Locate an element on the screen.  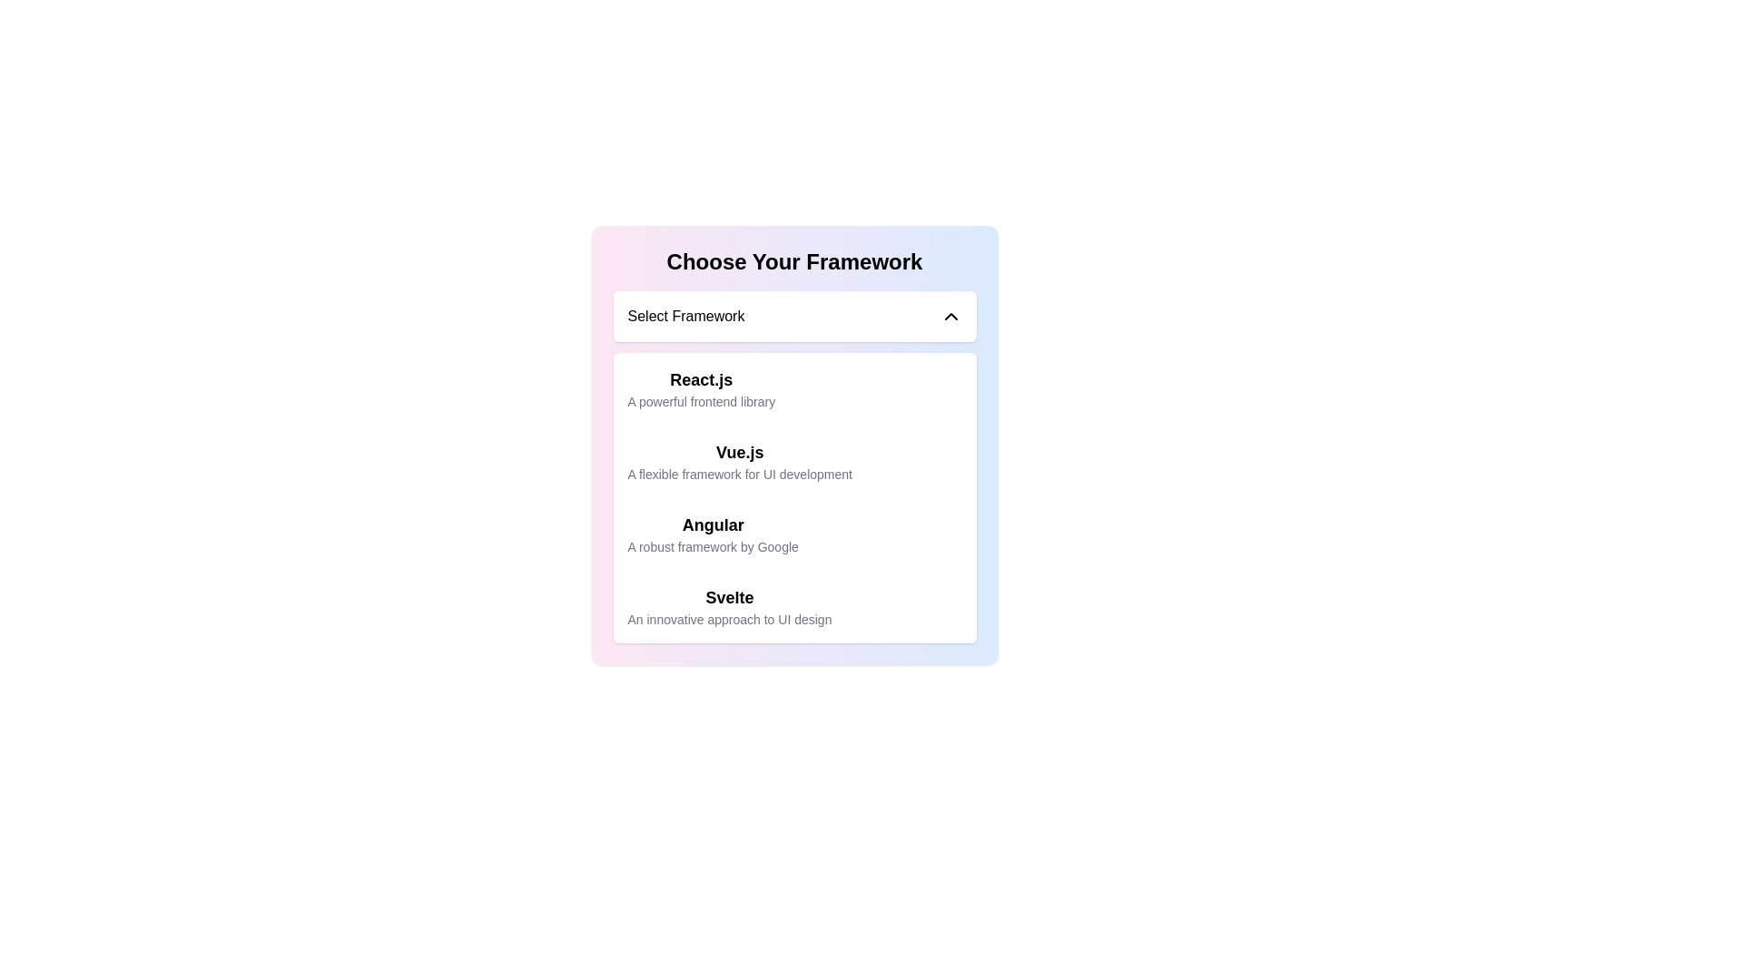
text label that says 'An innovative approach to UI design', which is styled in small gray font and positioned below the title 'Svelte' is located at coordinates (729, 618).